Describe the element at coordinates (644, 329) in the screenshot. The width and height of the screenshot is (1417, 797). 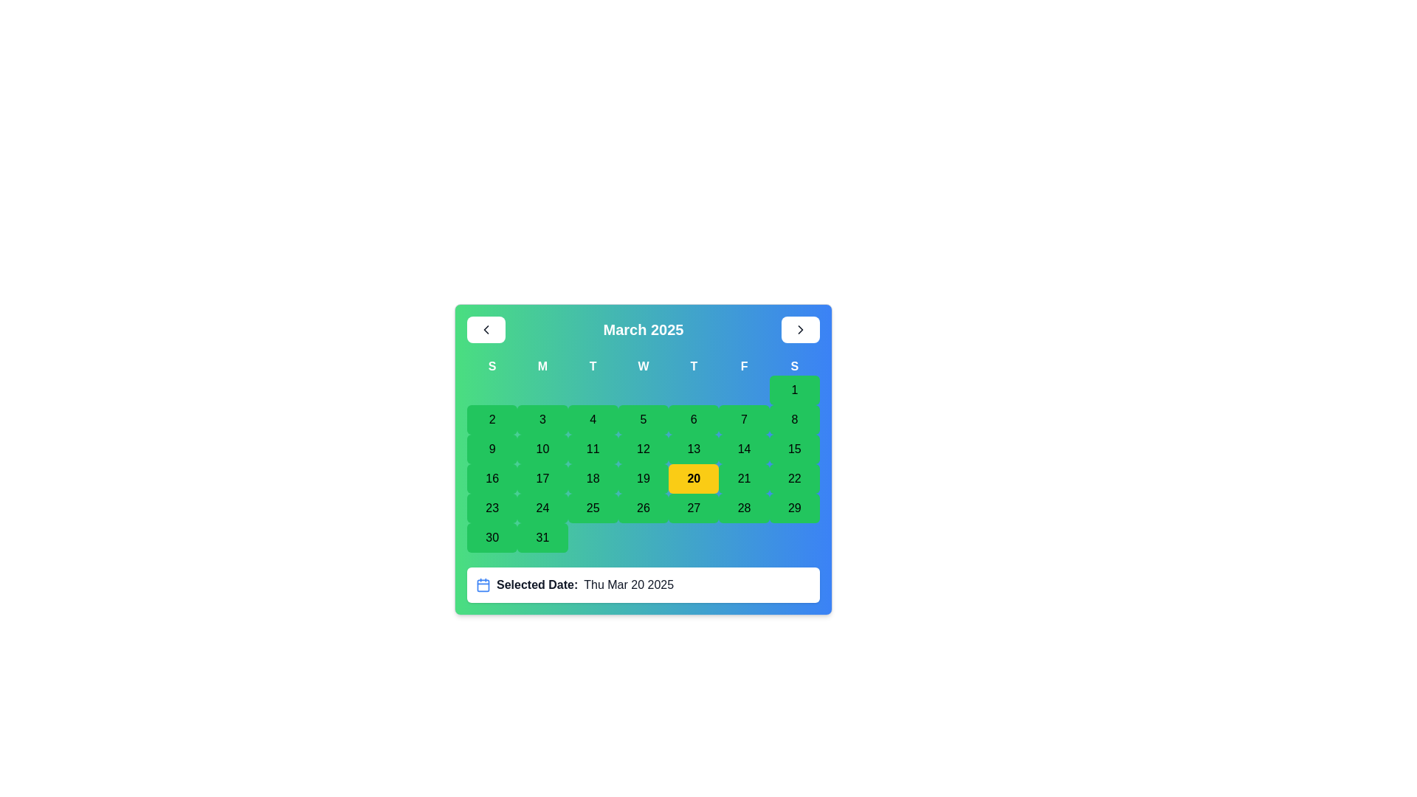
I see `the text label displaying 'March 2025' that is centrally located at the top of the calendar interface` at that location.